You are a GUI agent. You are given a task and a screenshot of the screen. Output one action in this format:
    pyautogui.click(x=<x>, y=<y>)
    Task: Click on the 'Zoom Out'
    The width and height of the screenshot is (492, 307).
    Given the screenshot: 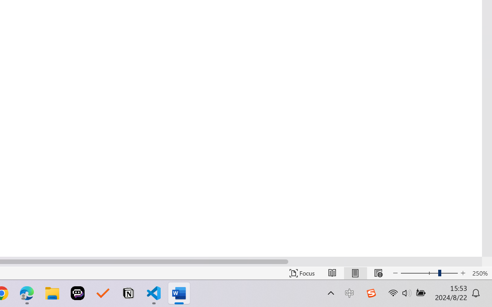 What is the action you would take?
    pyautogui.click(x=414, y=273)
    